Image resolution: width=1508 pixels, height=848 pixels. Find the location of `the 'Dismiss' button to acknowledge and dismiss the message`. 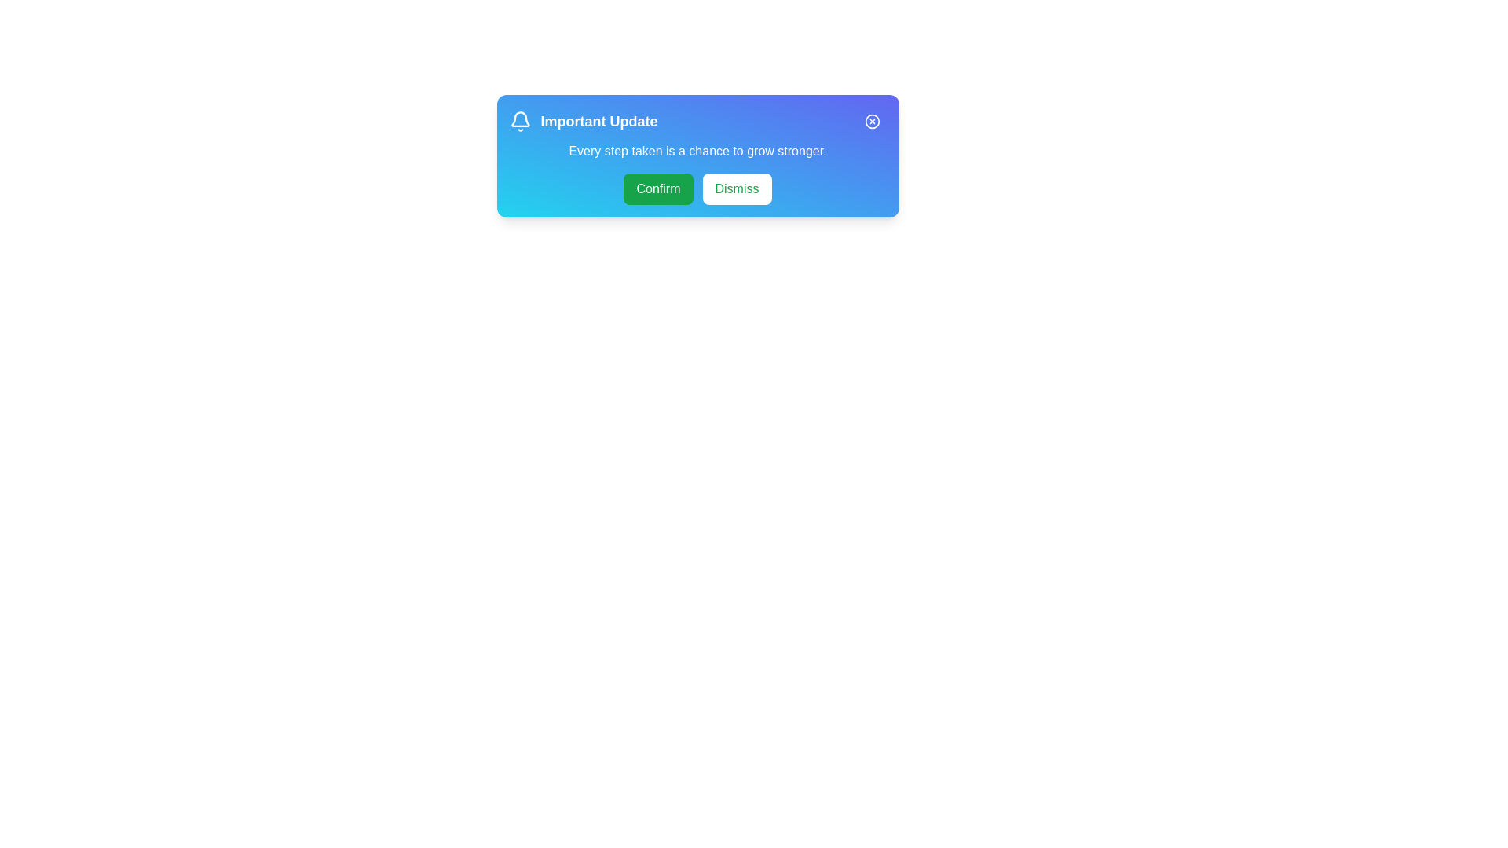

the 'Dismiss' button to acknowledge and dismiss the message is located at coordinates (736, 188).